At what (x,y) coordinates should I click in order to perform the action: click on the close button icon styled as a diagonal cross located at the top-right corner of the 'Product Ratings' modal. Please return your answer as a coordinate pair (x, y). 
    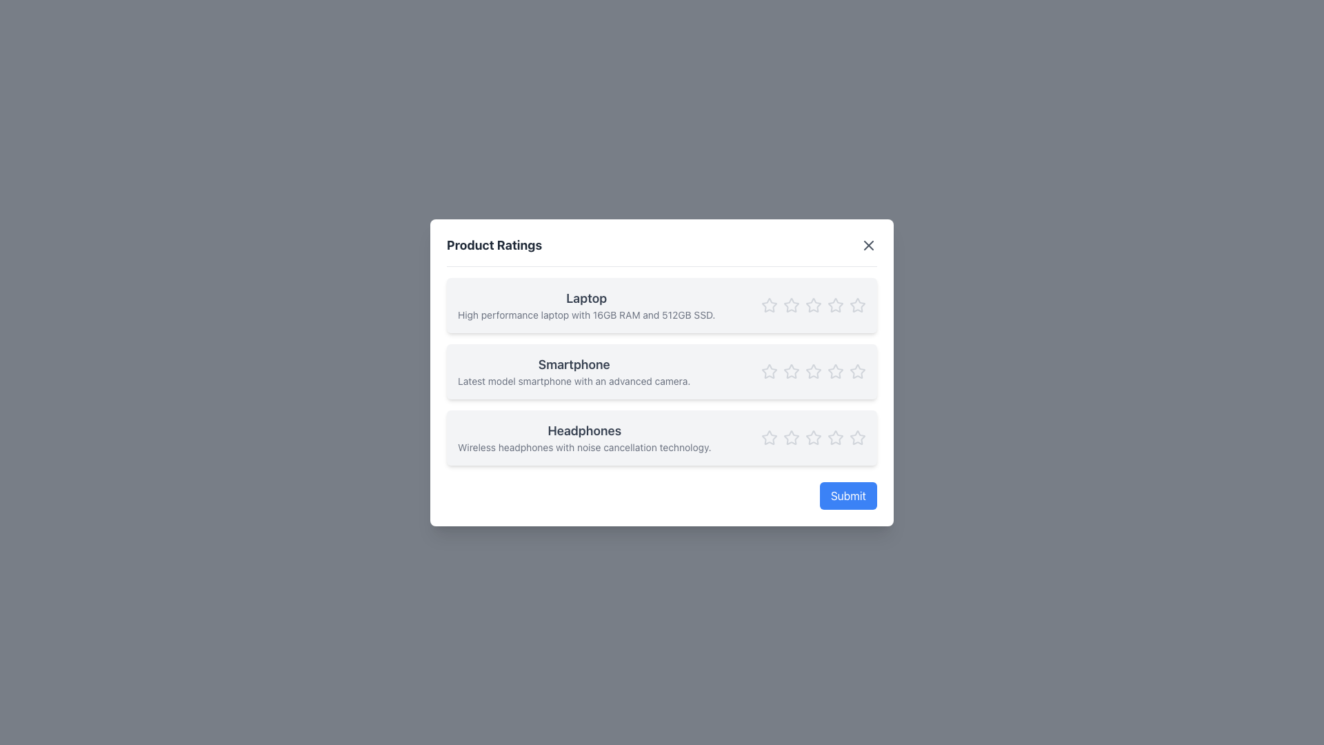
    Looking at the image, I should click on (867, 244).